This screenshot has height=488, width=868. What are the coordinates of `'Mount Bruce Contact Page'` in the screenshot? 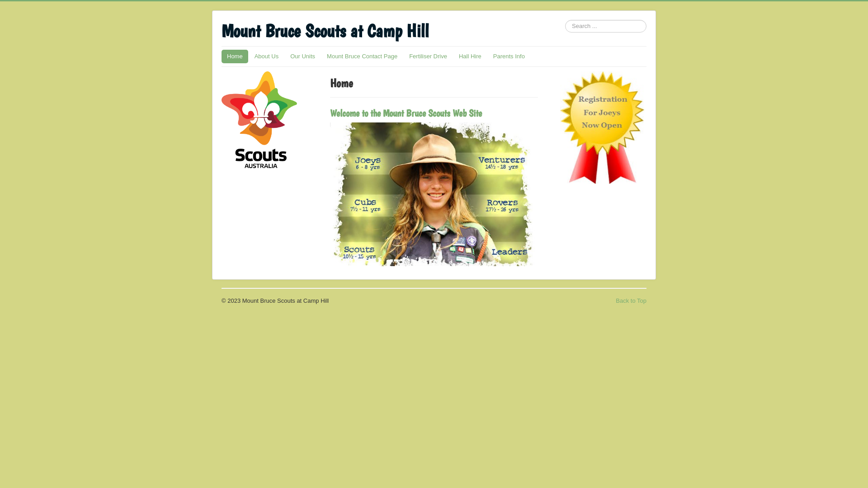 It's located at (362, 56).